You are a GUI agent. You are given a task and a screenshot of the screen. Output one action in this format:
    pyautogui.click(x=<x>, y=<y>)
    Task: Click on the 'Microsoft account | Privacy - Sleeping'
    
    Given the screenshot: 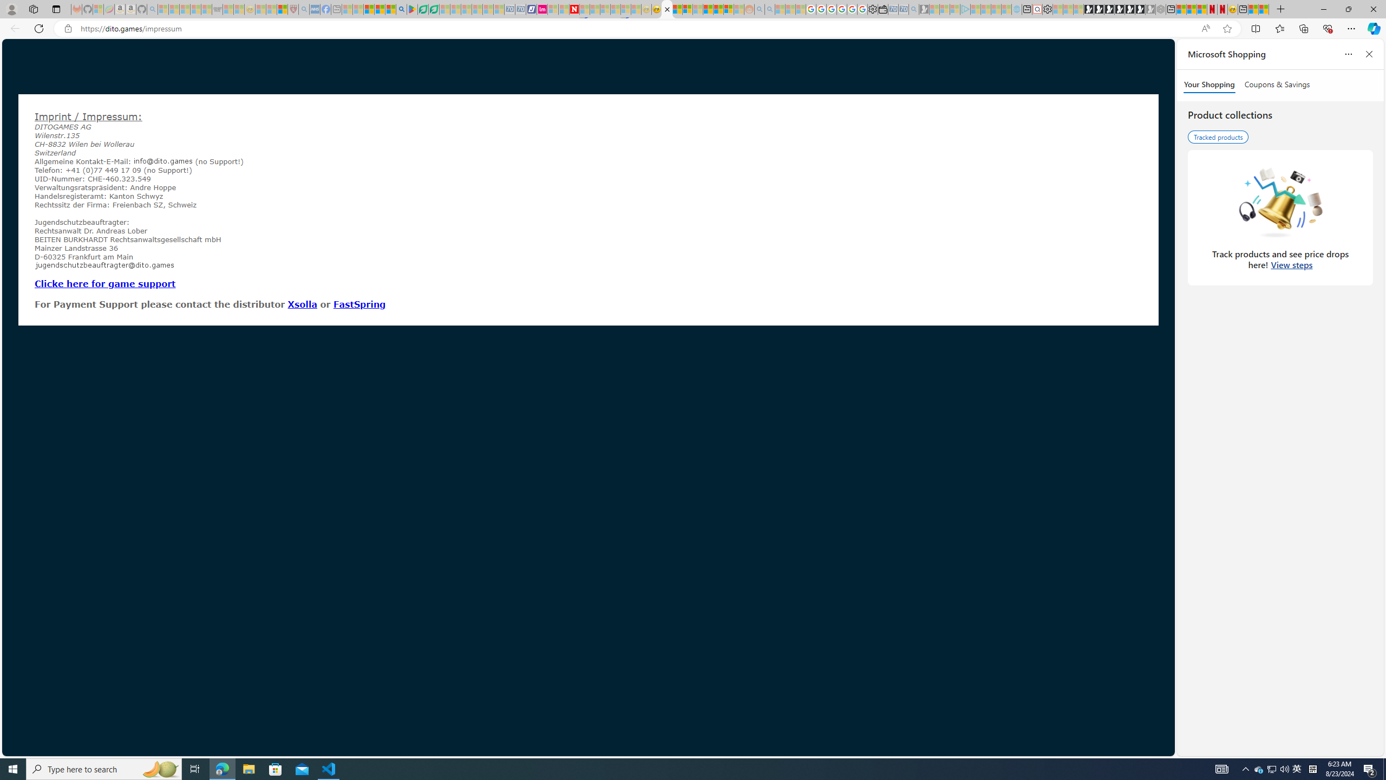 What is the action you would take?
    pyautogui.click(x=954, y=9)
    